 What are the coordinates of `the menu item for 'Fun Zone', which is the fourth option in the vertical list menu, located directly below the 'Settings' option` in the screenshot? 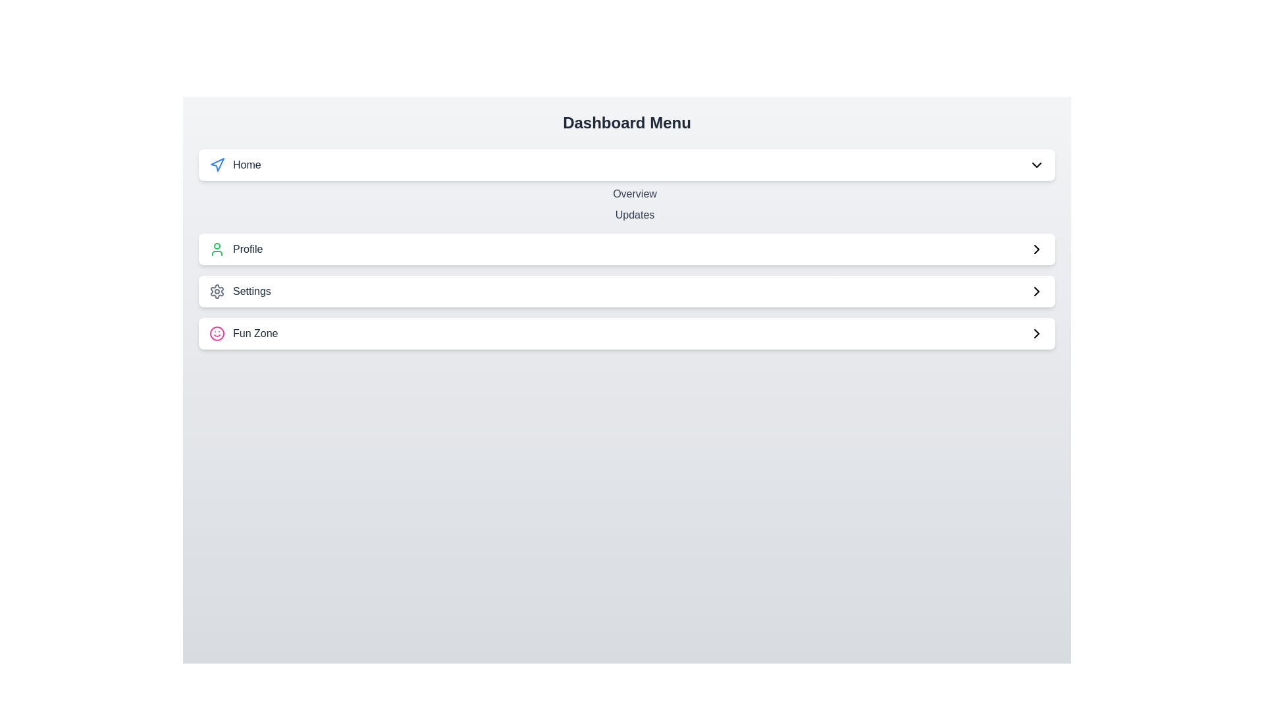 It's located at (626, 332).